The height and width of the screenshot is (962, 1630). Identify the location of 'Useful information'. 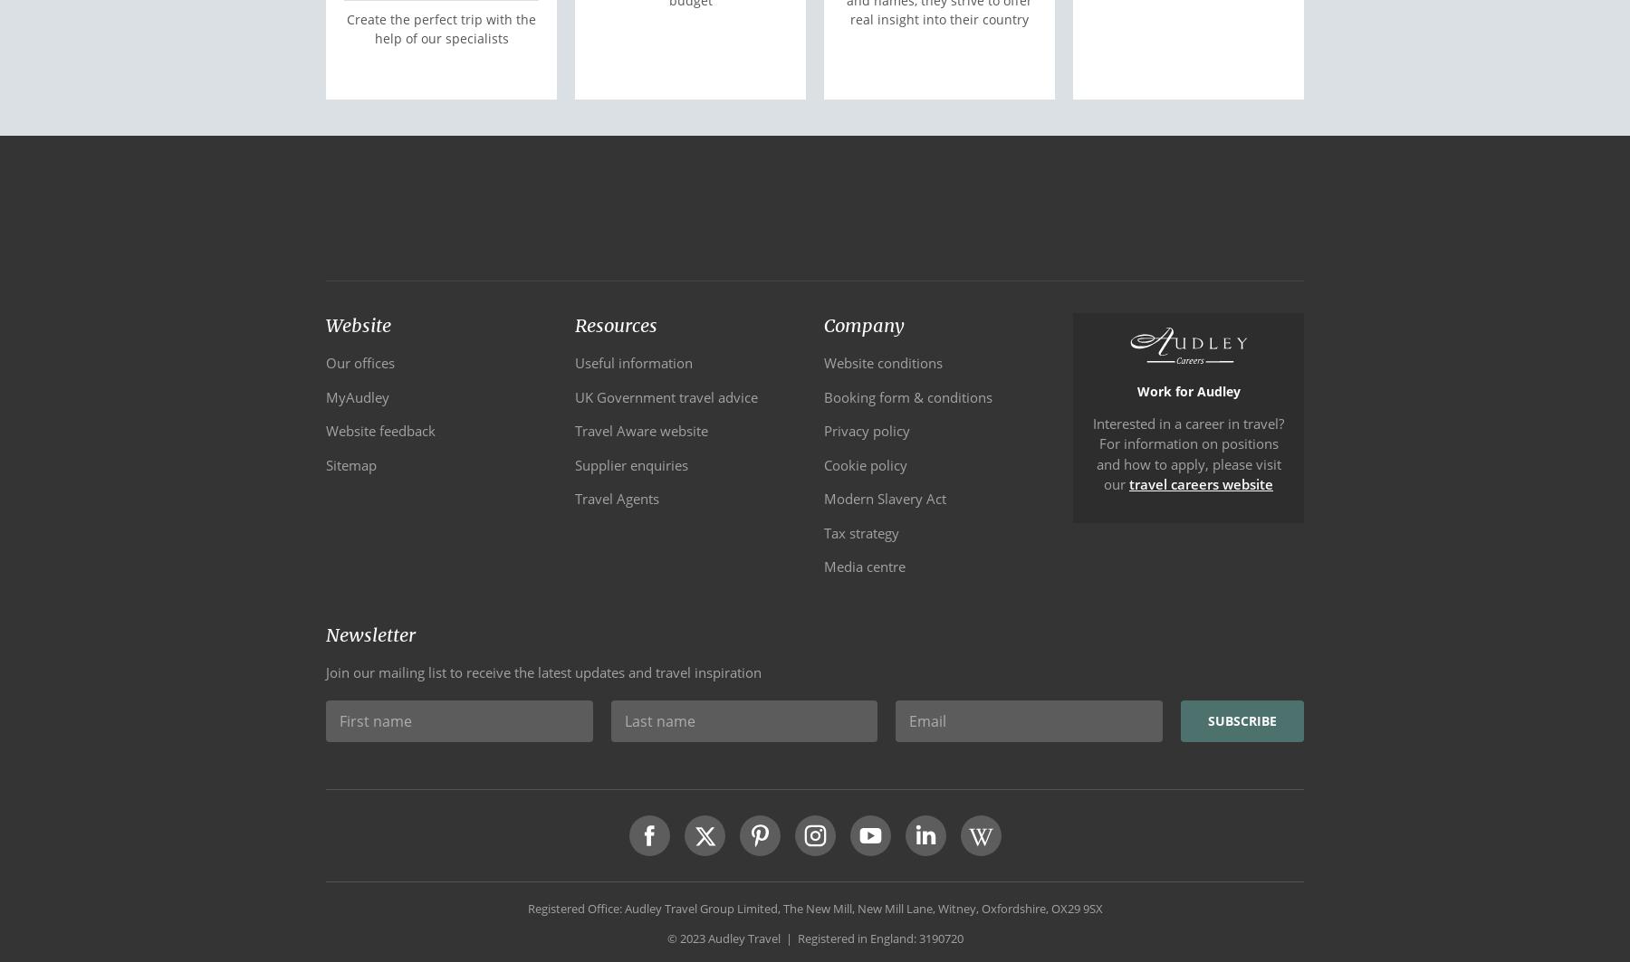
(633, 362).